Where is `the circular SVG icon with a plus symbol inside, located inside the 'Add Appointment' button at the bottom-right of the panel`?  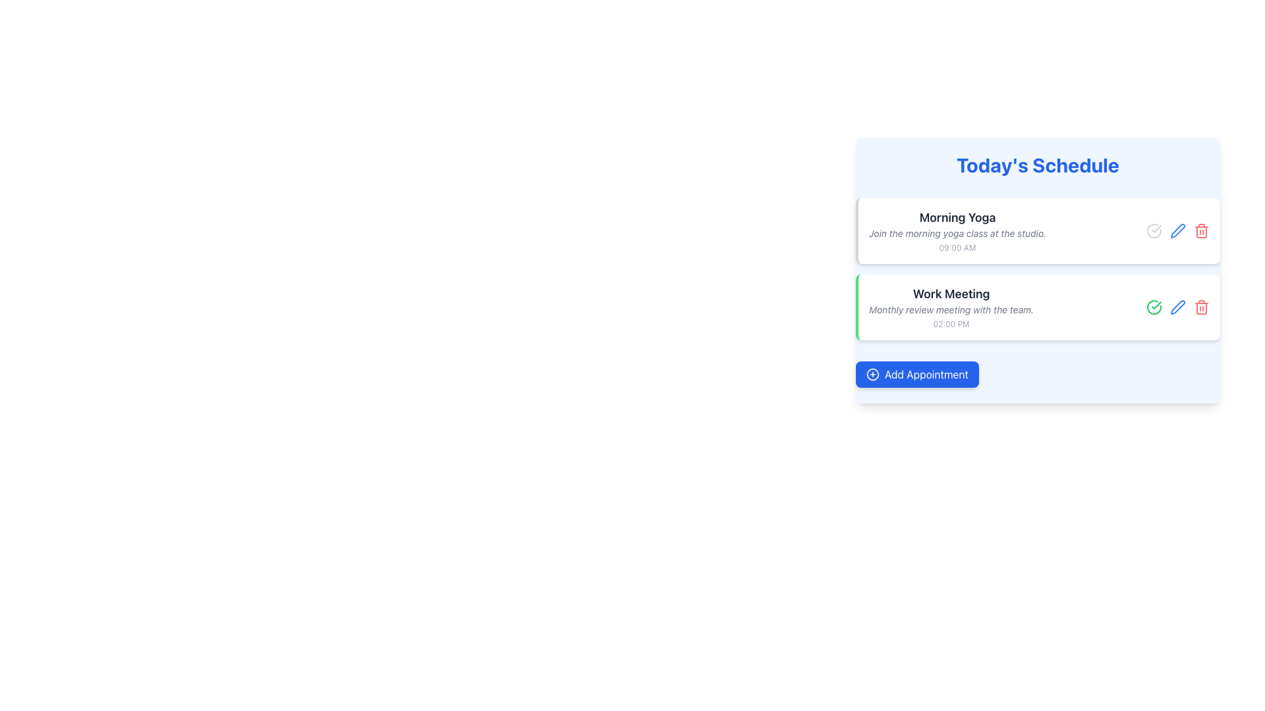 the circular SVG icon with a plus symbol inside, located inside the 'Add Appointment' button at the bottom-right of the panel is located at coordinates (872, 375).